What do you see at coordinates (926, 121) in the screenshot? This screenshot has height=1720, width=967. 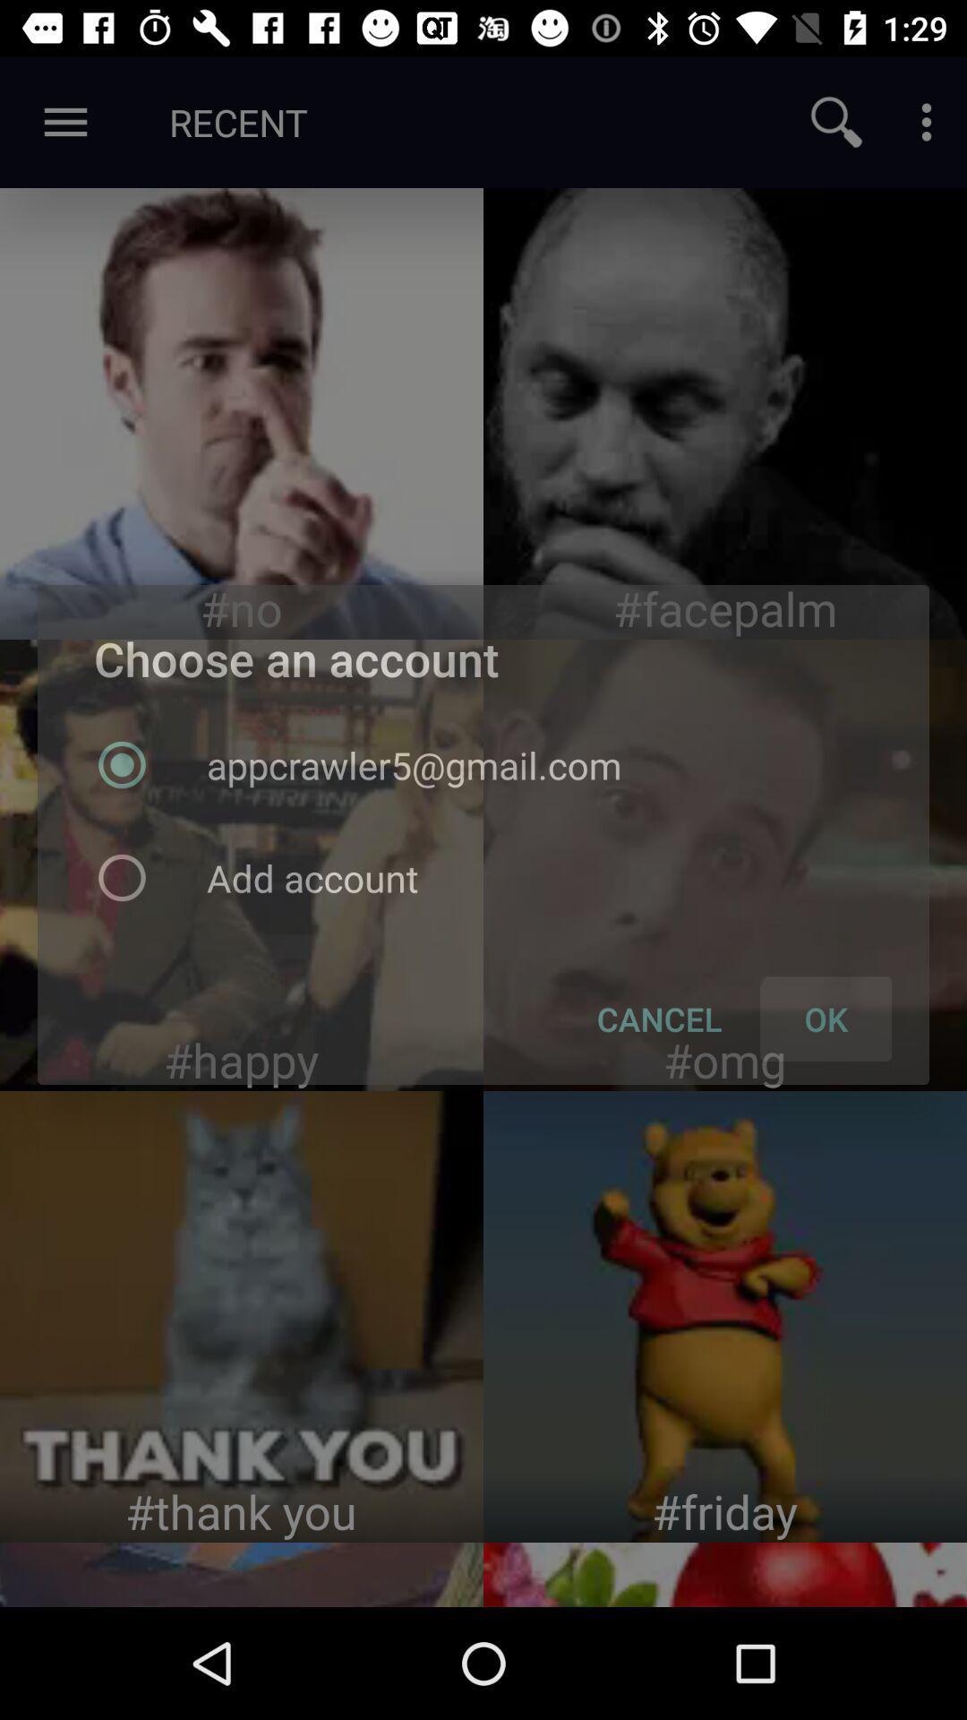 I see `open settings` at bounding box center [926, 121].